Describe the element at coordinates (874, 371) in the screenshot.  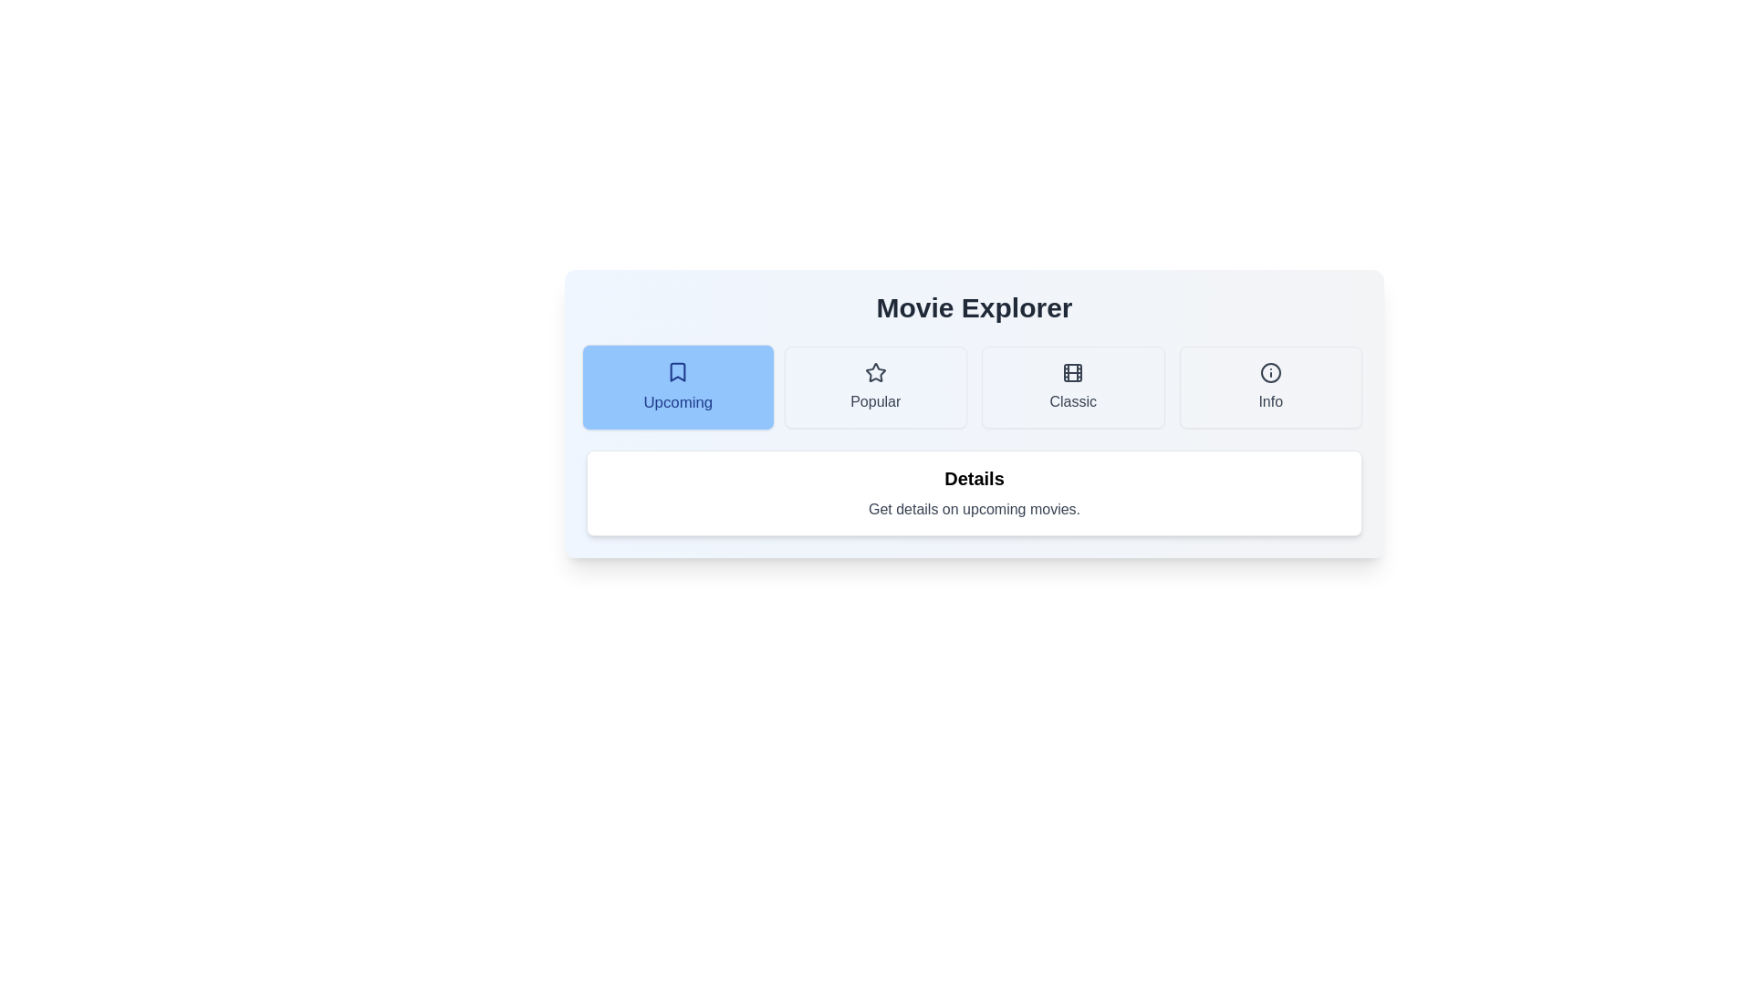
I see `the 'Popular' tab icon in the navigation bar` at that location.